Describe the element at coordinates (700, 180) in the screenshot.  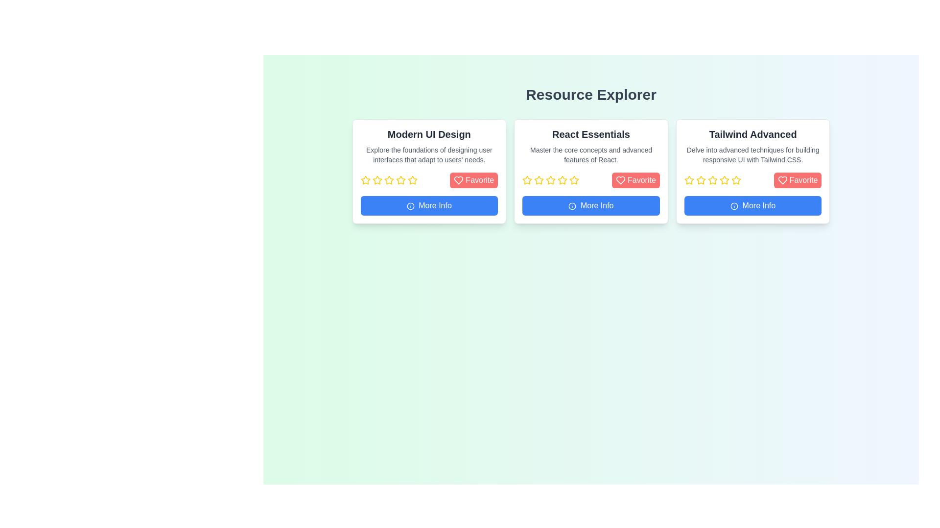
I see `the yellow star icon with a hollow center, which is the second star from the left in the rating section of the 'Tailwind Advanced' card` at that location.